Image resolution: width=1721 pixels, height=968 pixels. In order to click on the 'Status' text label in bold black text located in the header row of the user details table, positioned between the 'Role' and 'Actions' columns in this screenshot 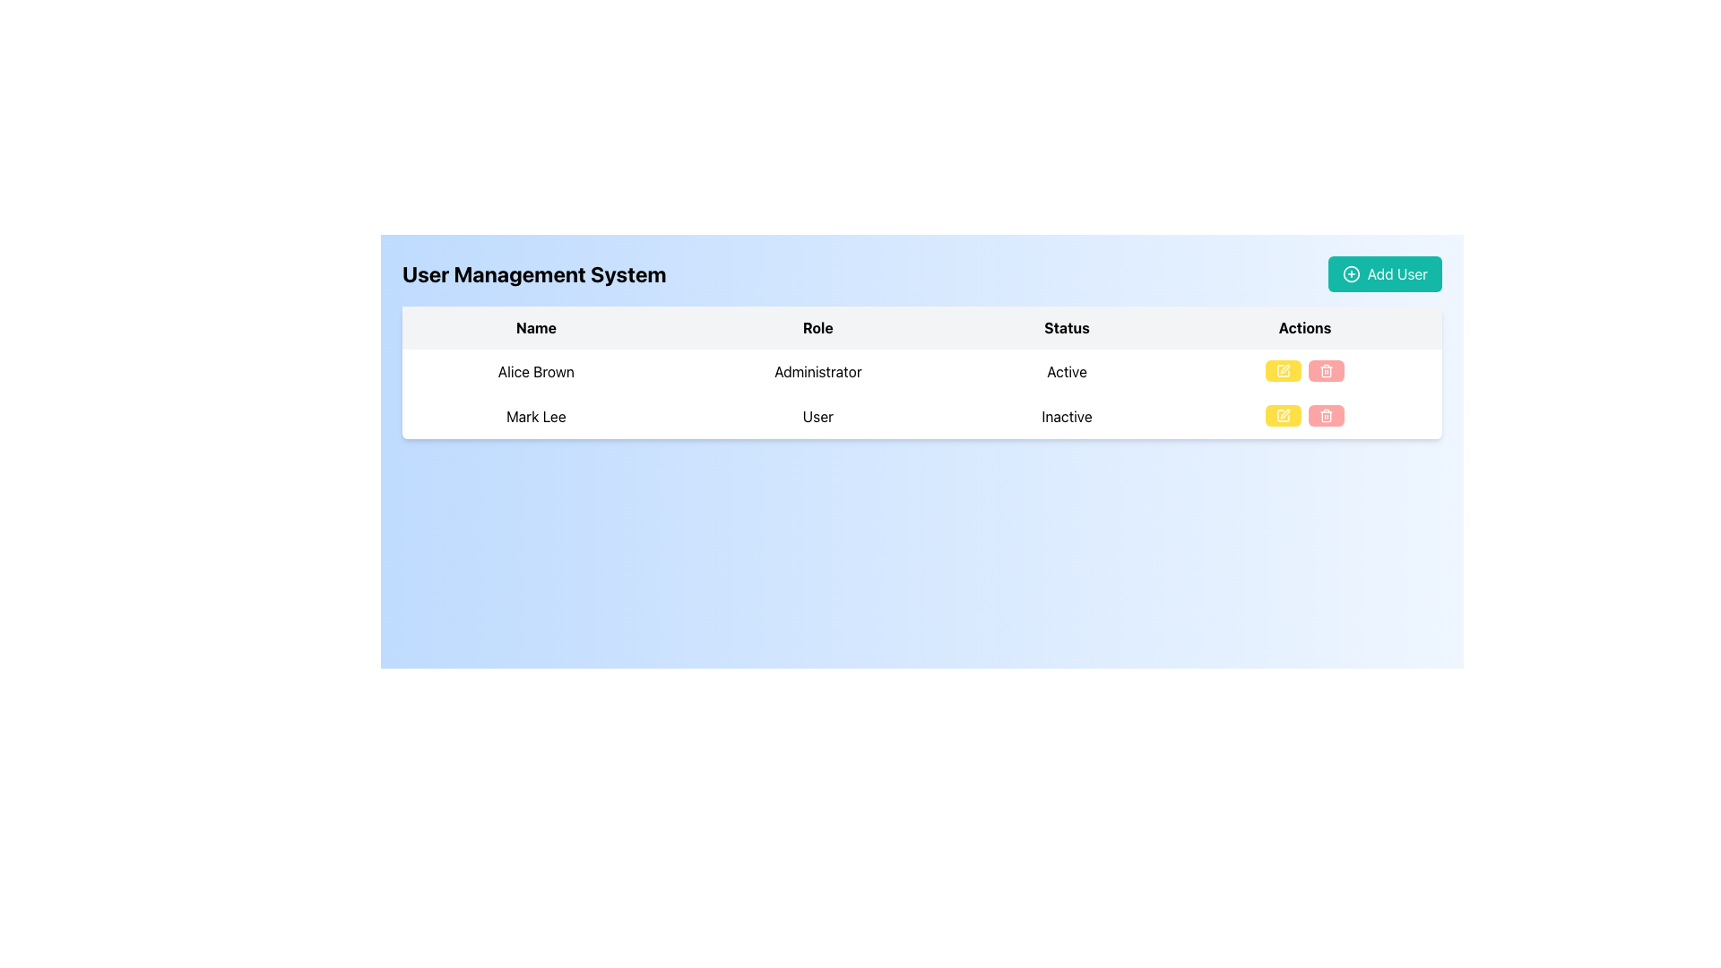, I will do `click(1067, 328)`.